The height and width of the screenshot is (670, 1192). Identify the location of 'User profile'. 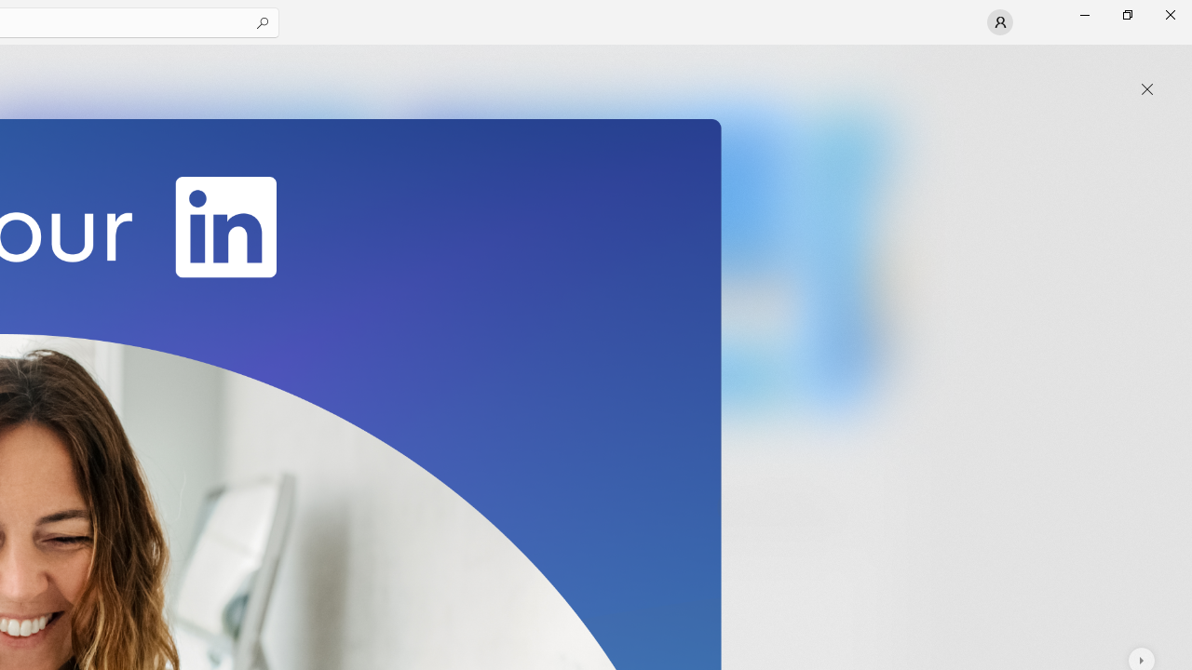
(998, 22).